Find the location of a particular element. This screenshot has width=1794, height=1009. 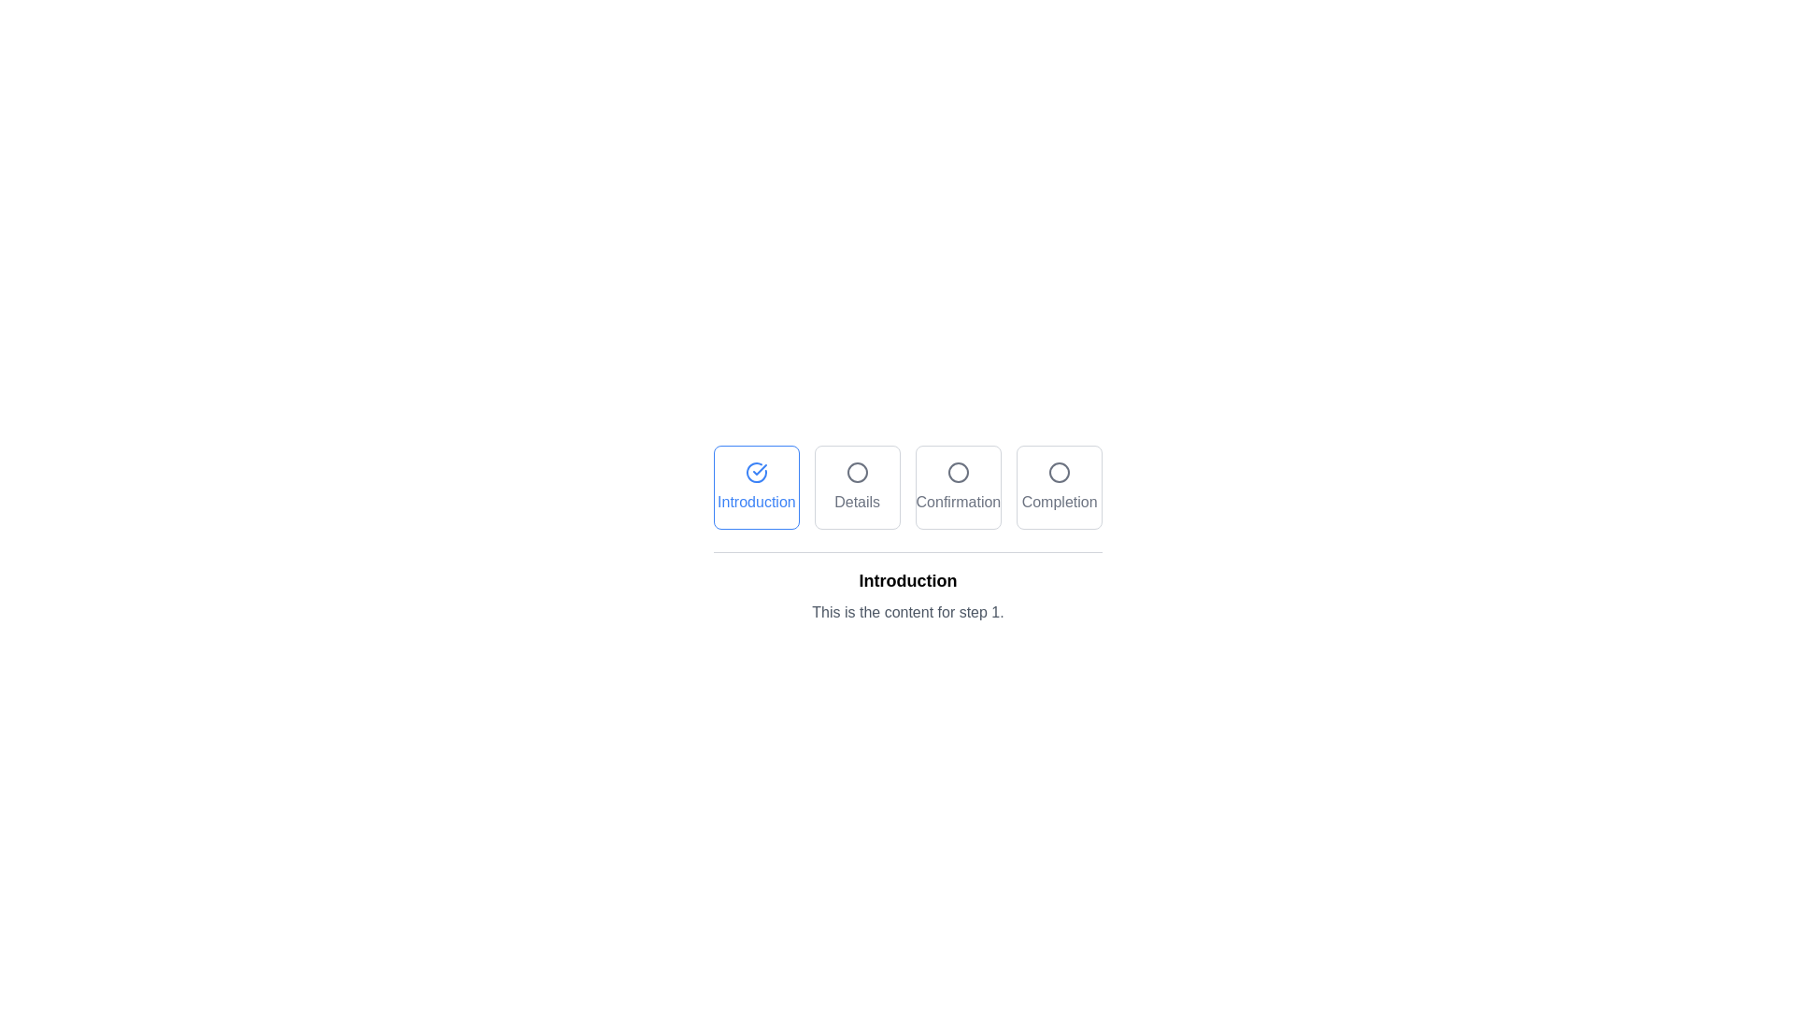

the 'Completion' button, which is the fourth card in a horizontal sequence of four cards, located at the far-right end with a gray color scheme and rounded corners is located at coordinates (1059, 486).